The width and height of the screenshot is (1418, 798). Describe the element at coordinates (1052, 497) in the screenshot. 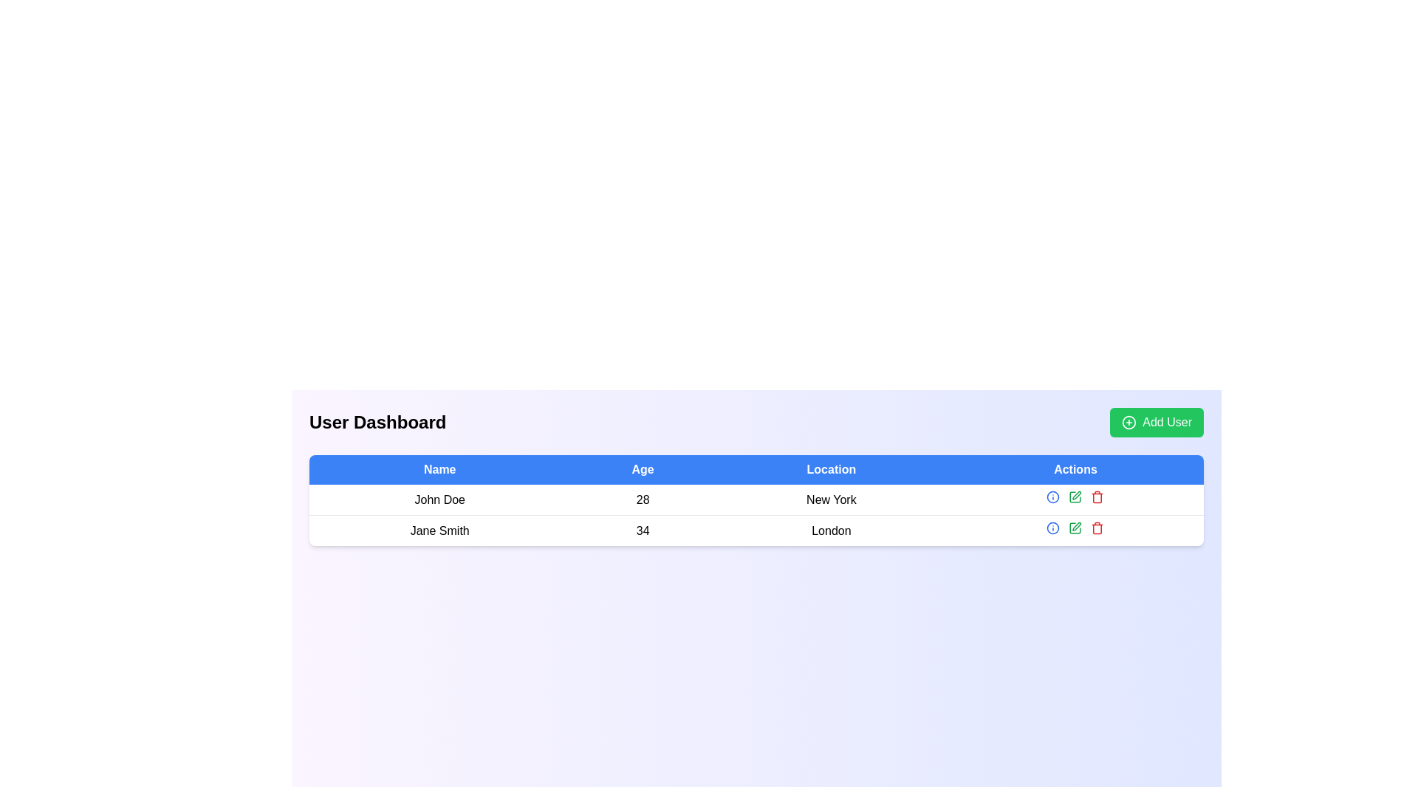

I see `the small blue circular informational icon containing an 'i' located in the 'Actions' column of the user table for 'Jane Smith'` at that location.